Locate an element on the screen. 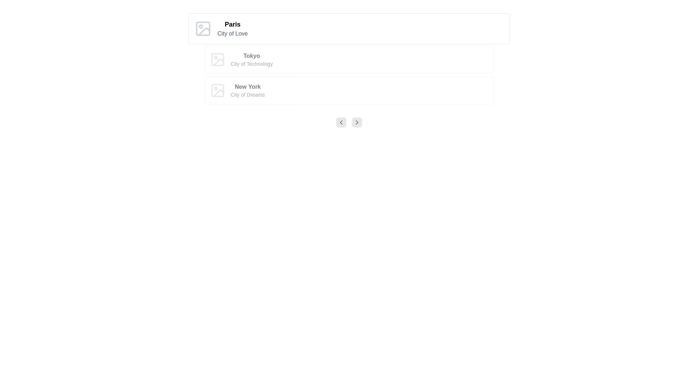 The width and height of the screenshot is (689, 388). the chevron icon representing the navigation action to move to the previous item or page, located centrally at the bottom of the UI interface is located at coordinates (341, 122).